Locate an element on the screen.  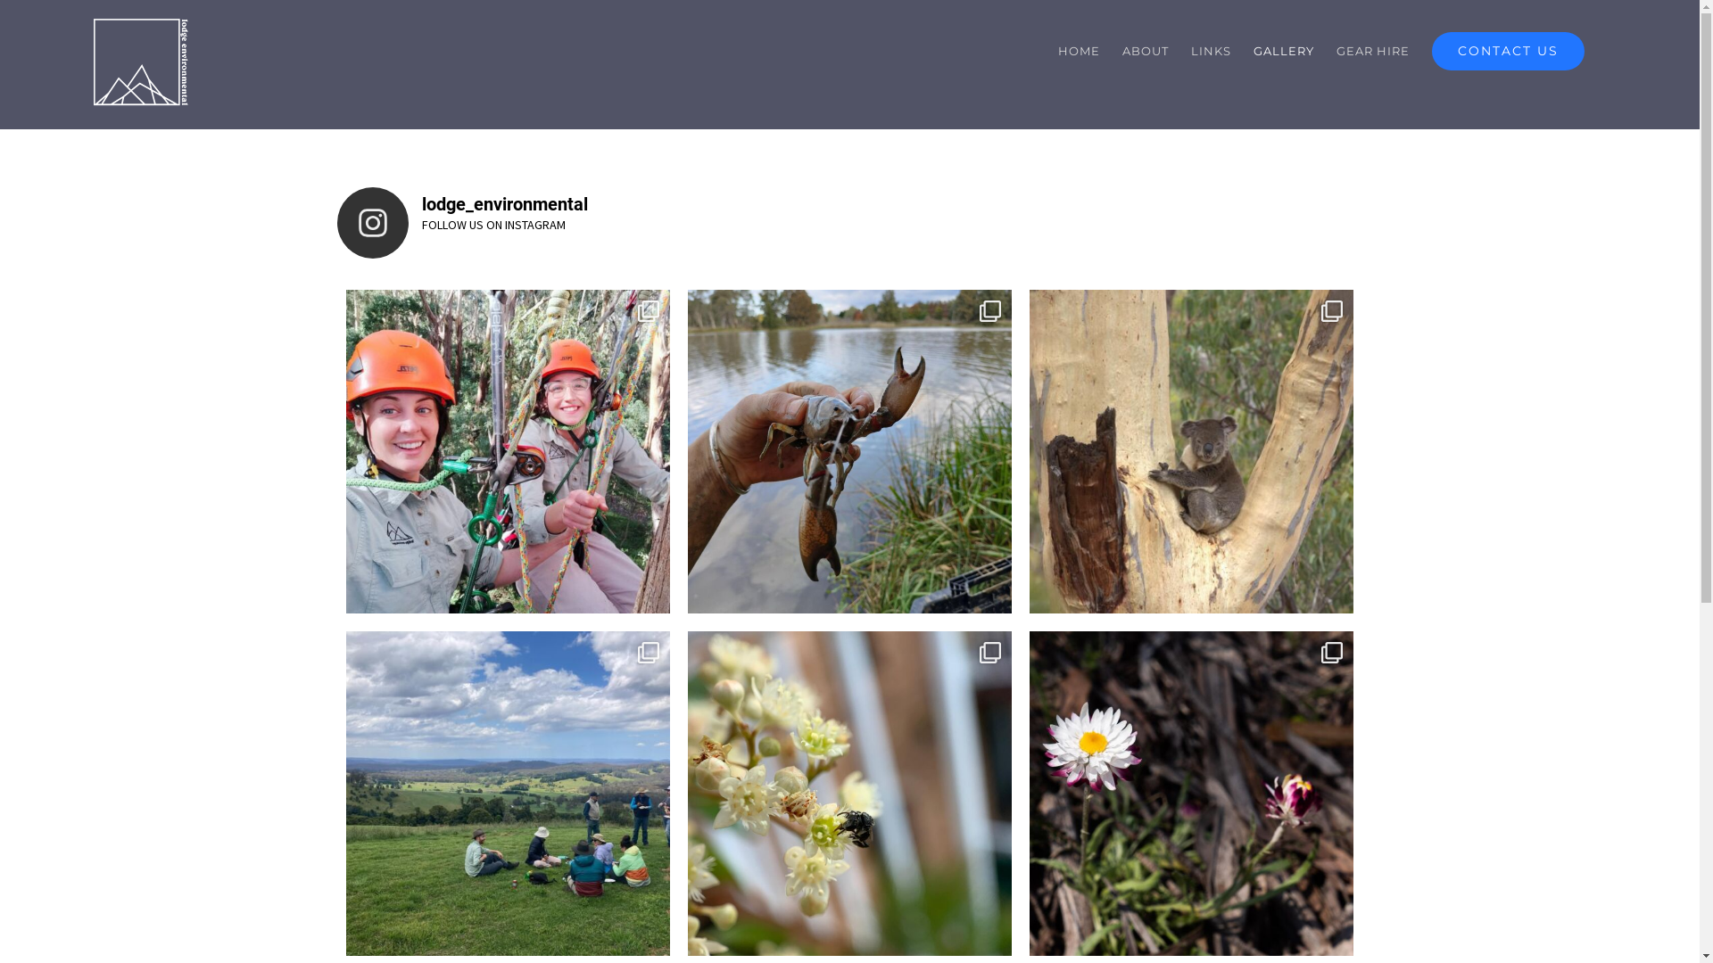
'LINKS' is located at coordinates (1190, 50).